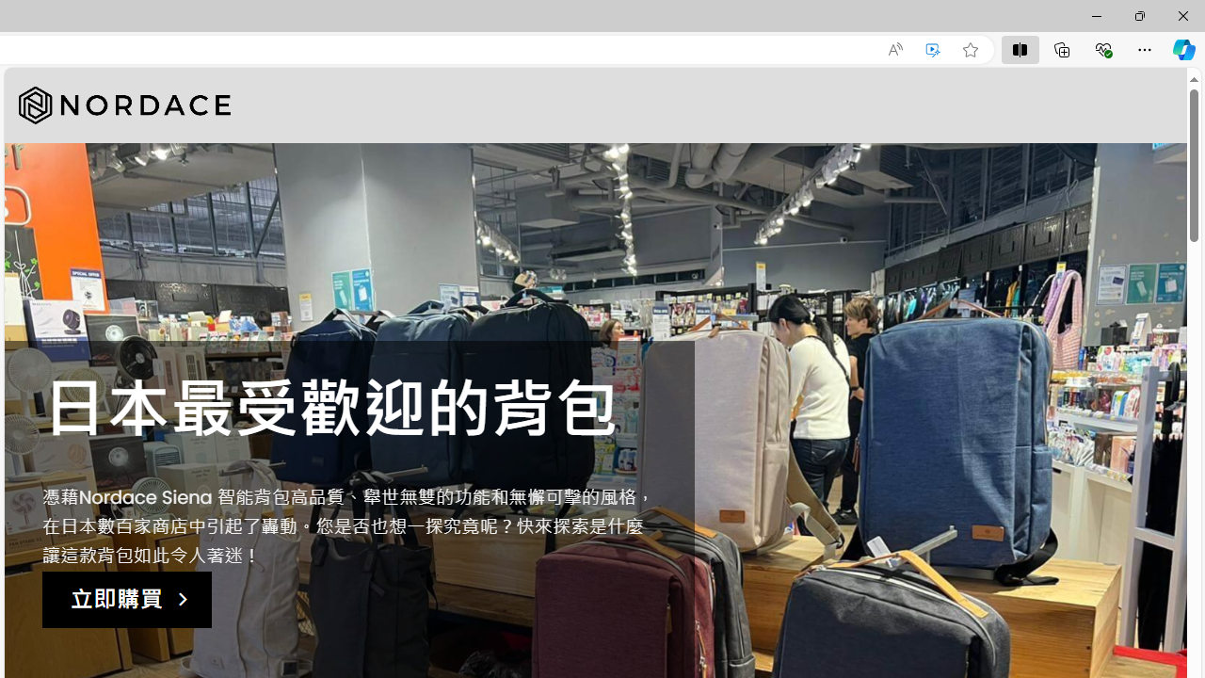 The image size is (1205, 678). I want to click on 'Restore', so click(1138, 15).